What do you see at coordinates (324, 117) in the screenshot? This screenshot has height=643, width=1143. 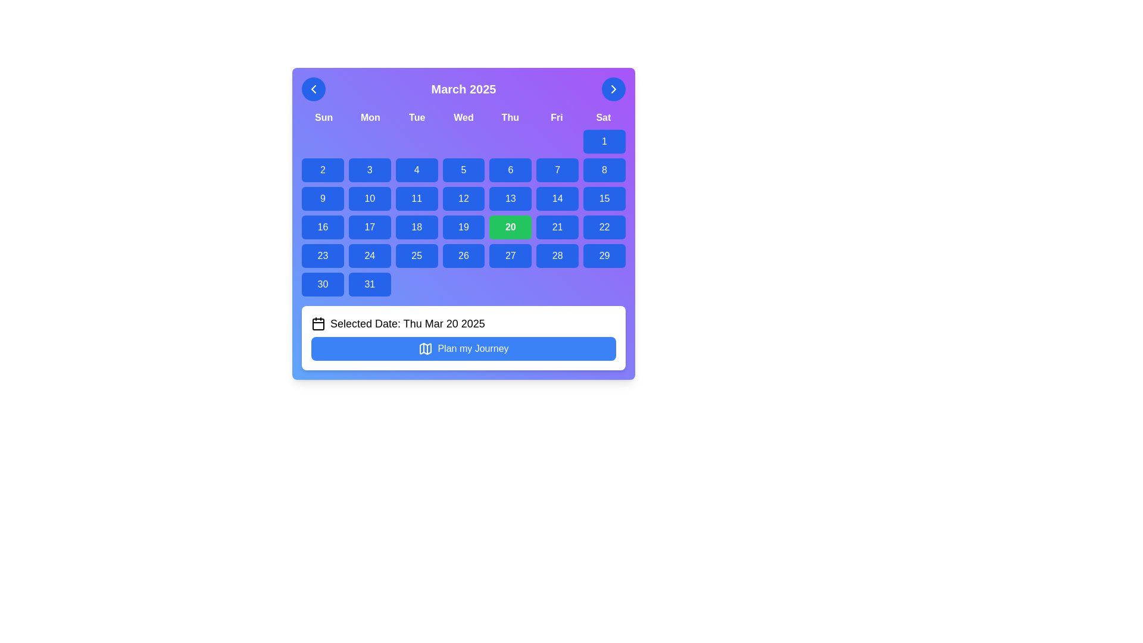 I see `the static text label indicating 'Sunday', which is the first element in the series of seven days of the week aligned horizontally in the calendar header` at bounding box center [324, 117].